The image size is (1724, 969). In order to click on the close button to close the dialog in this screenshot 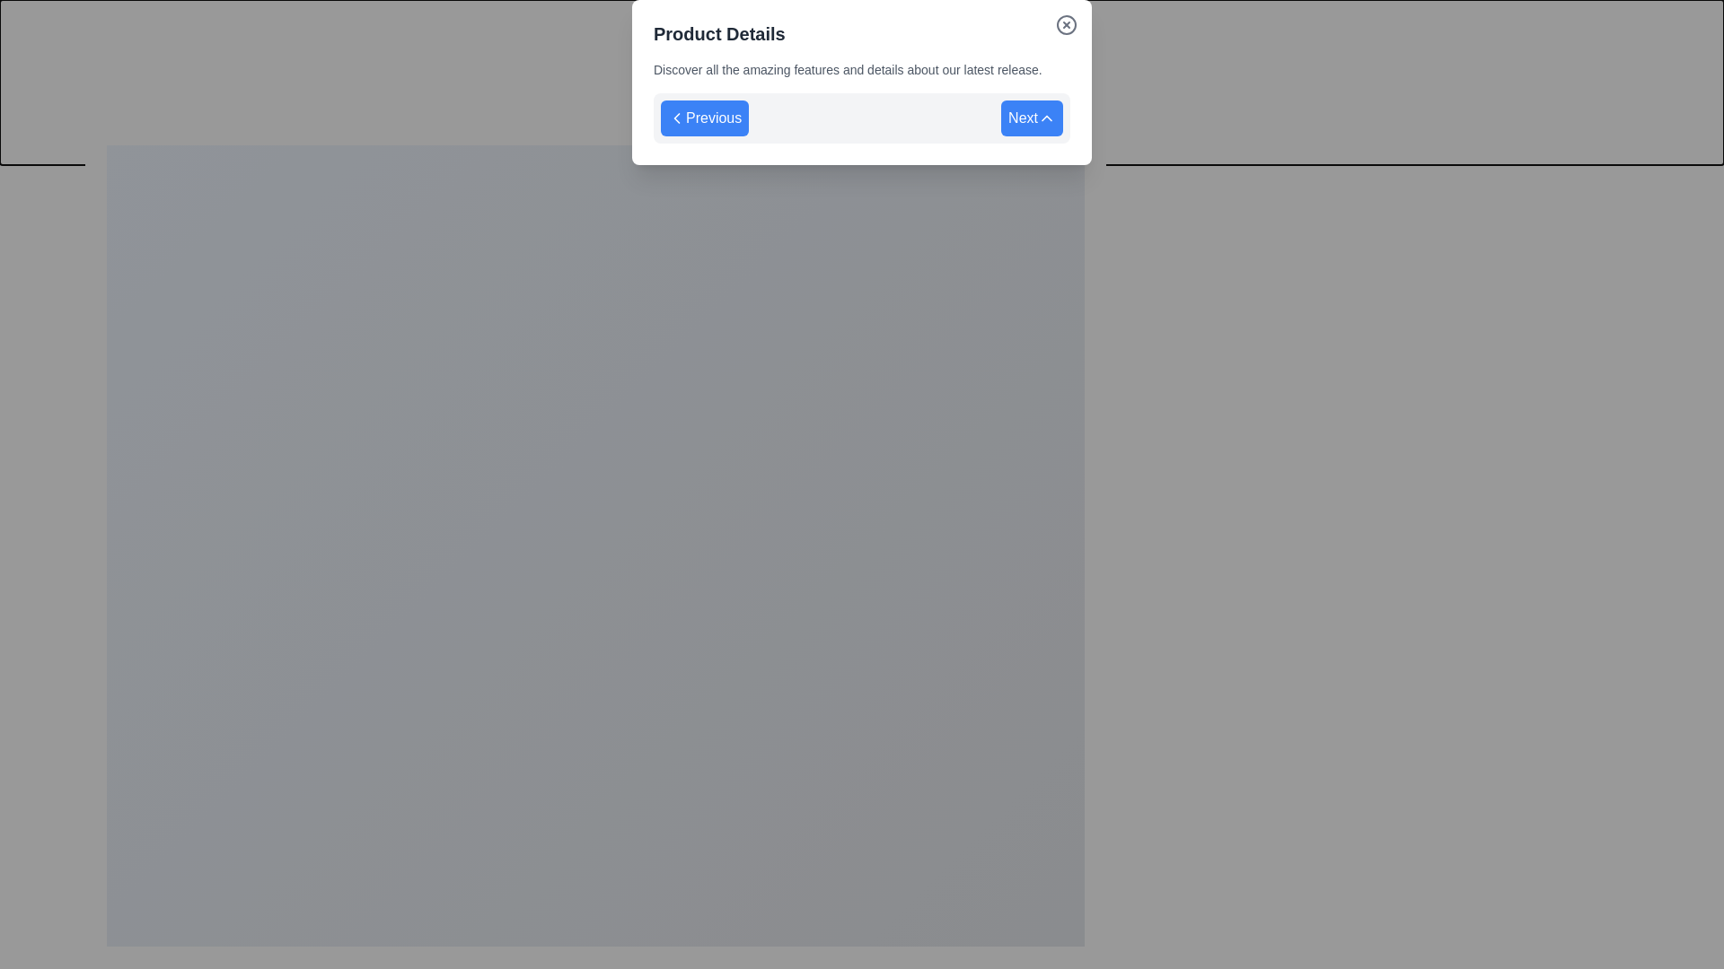, I will do `click(1105, 123)`.